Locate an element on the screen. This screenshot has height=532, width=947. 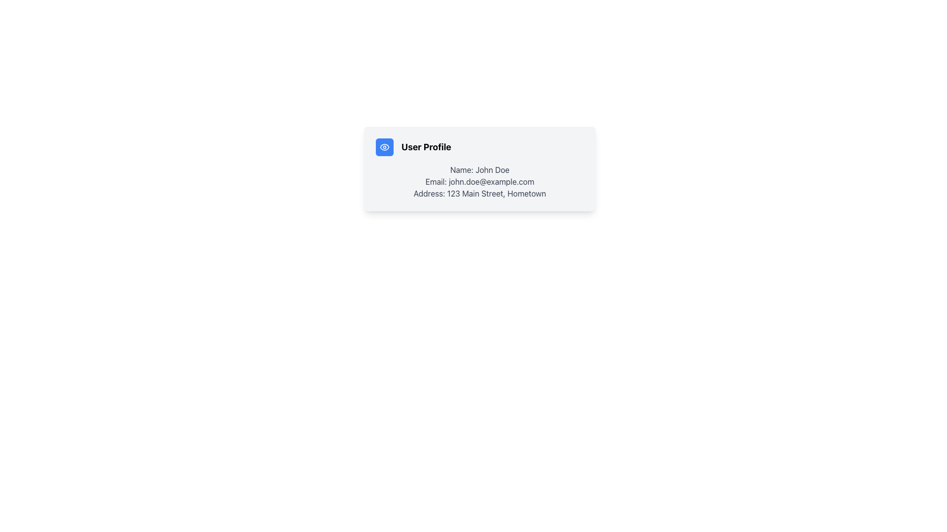
the 'User Profile' heading text, which is bold and prominently displayed in a large font at the top-left corner of the user information card is located at coordinates (426, 147).